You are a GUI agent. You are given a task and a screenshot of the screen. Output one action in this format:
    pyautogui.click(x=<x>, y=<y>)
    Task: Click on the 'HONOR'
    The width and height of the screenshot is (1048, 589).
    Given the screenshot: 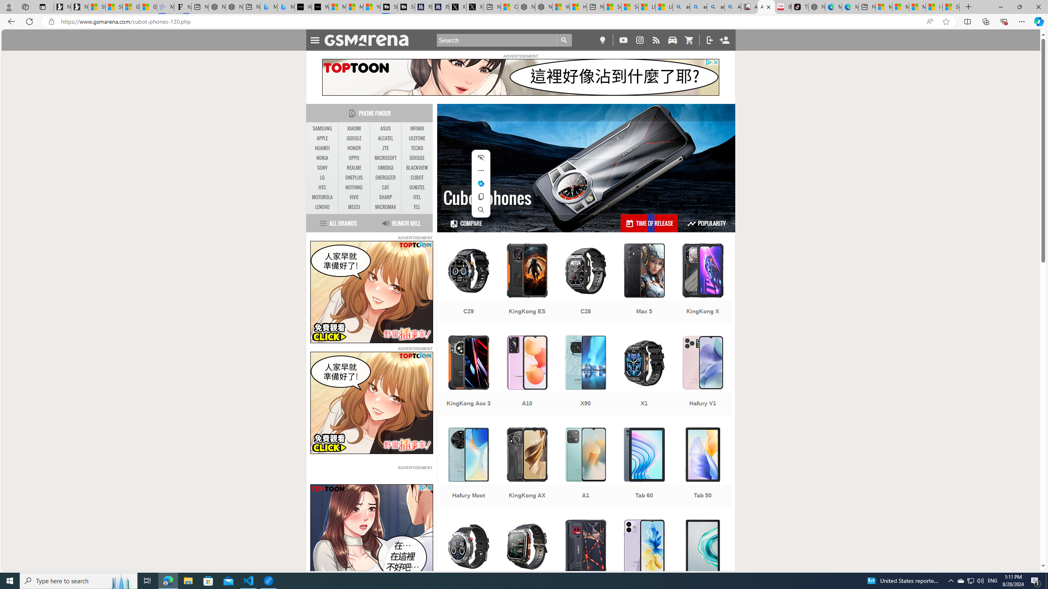 What is the action you would take?
    pyautogui.click(x=354, y=148)
    